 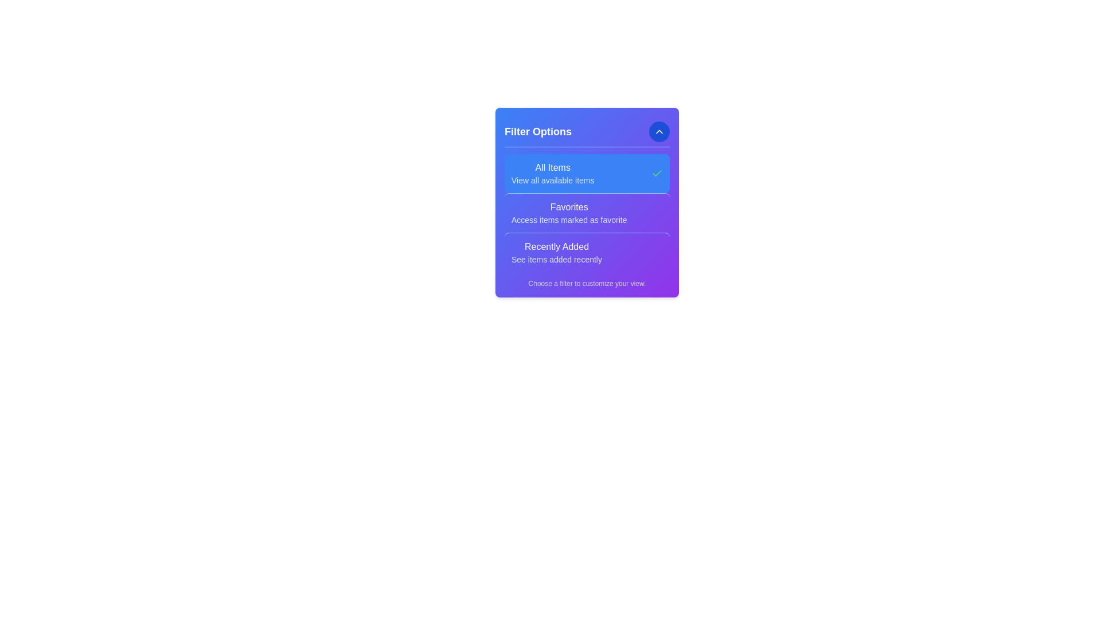 I want to click on the filter option All Items from the menu, so click(x=553, y=174).